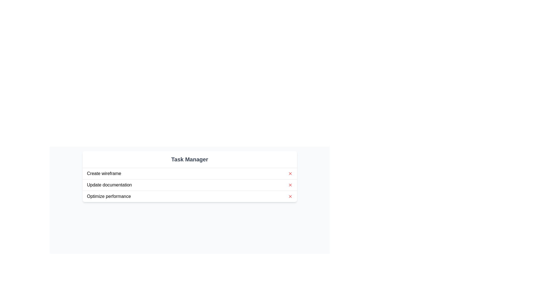  Describe the element at coordinates (290, 196) in the screenshot. I see `the clickable icon at the rightmost end of the 'Optimize performance' row in the task list` at that location.